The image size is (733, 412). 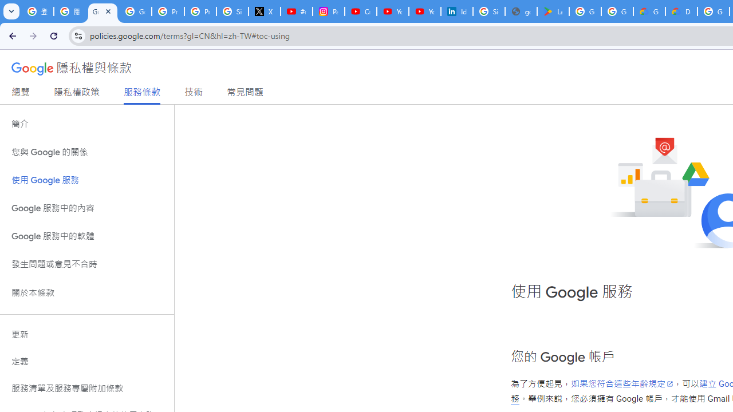 I want to click on '#nbabasketballhighlights - YouTube', so click(x=297, y=11).